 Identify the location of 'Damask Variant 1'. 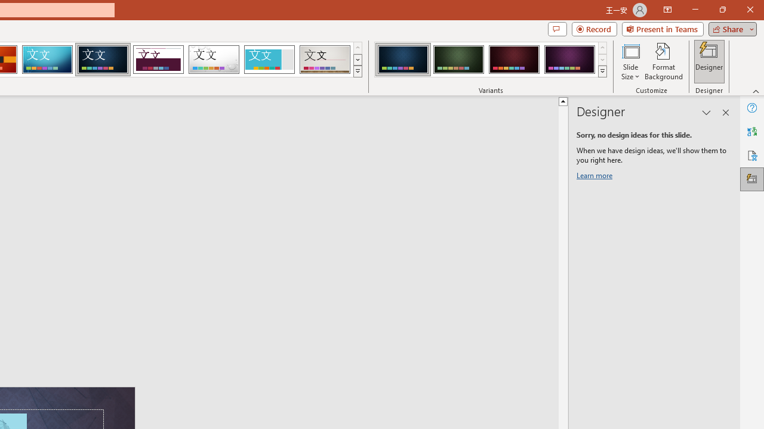
(403, 60).